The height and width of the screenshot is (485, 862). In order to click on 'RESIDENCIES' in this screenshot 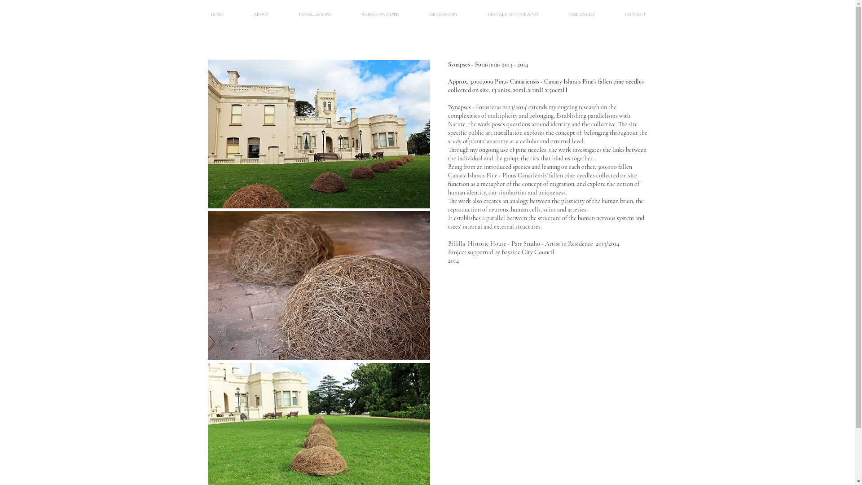, I will do `click(581, 14)`.